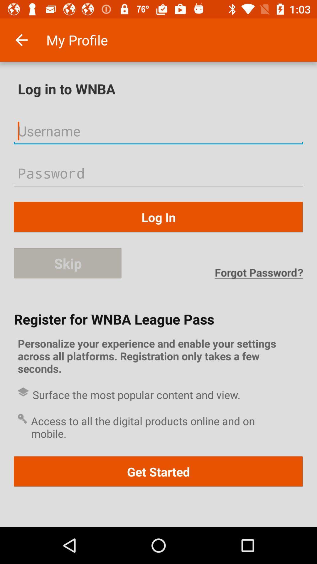 This screenshot has width=317, height=564. What do you see at coordinates (158, 130) in the screenshot?
I see `because back devicer` at bounding box center [158, 130].